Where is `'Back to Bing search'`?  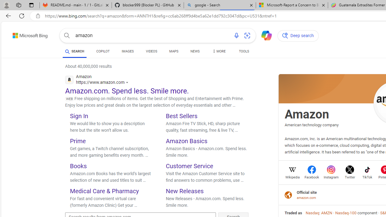 'Back to Bing search' is located at coordinates (26, 34).